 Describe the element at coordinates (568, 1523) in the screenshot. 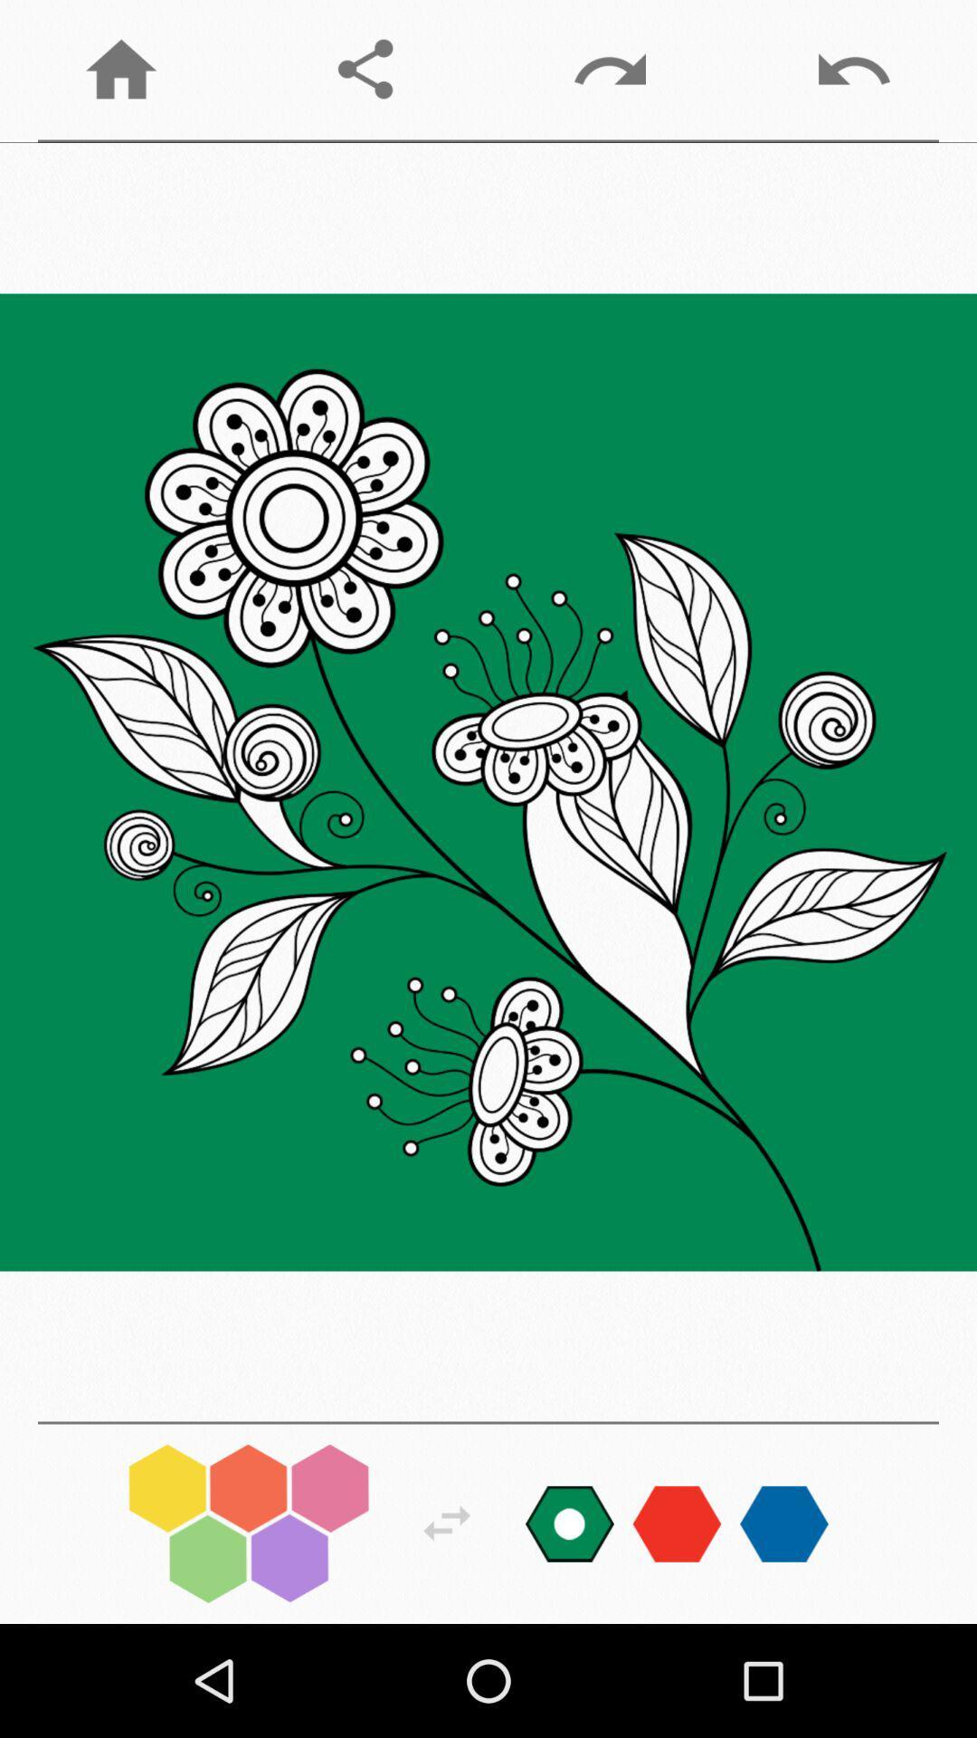

I see `the national_flag icon` at that location.